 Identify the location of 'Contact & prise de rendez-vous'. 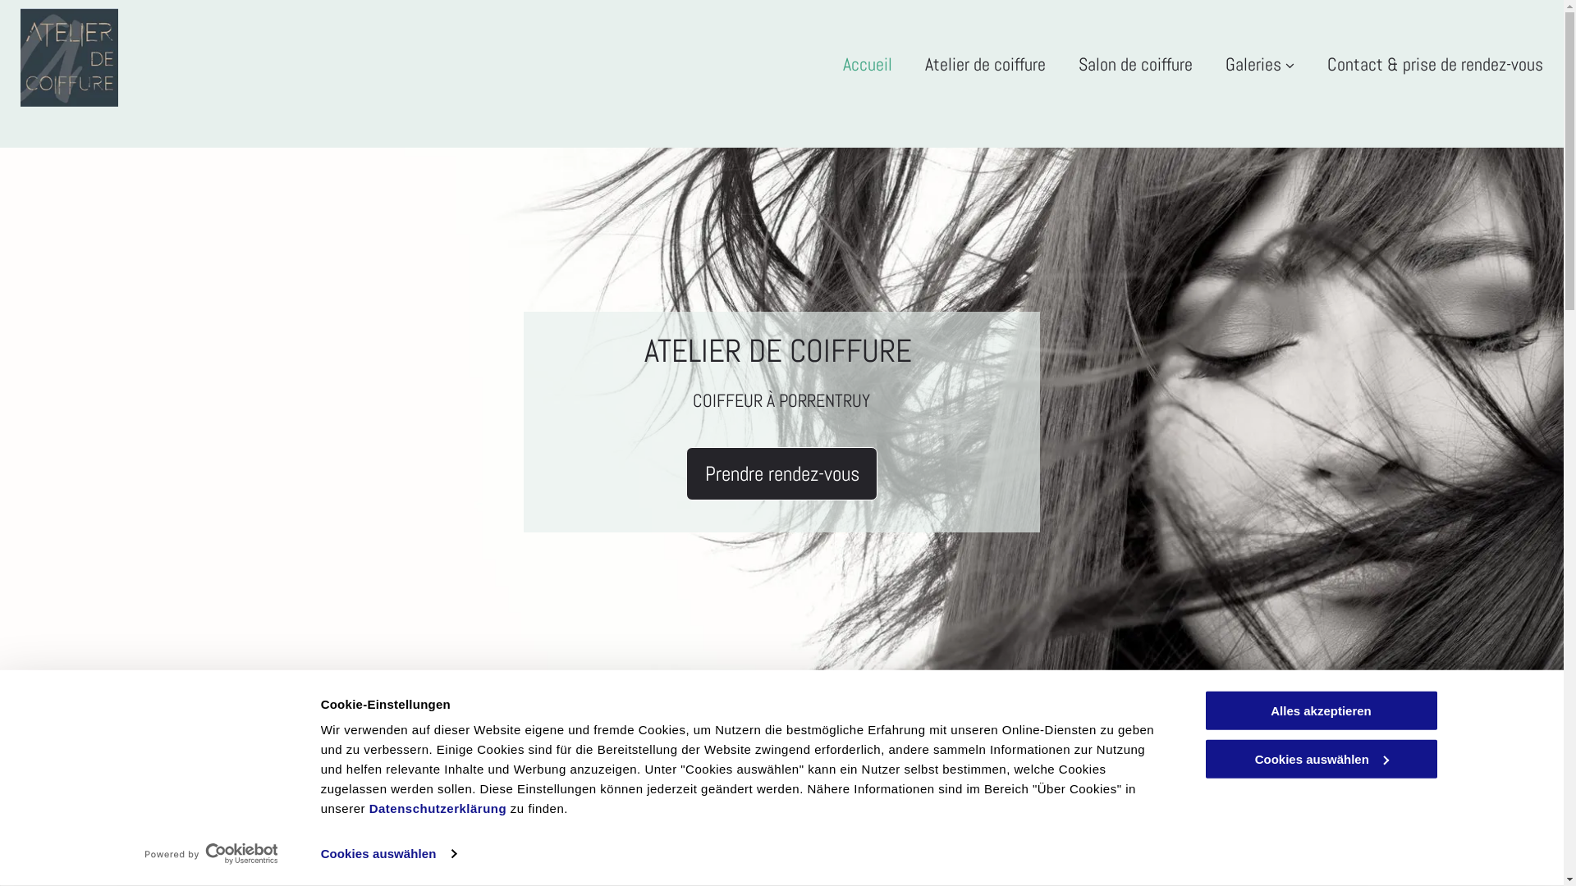
(1434, 62).